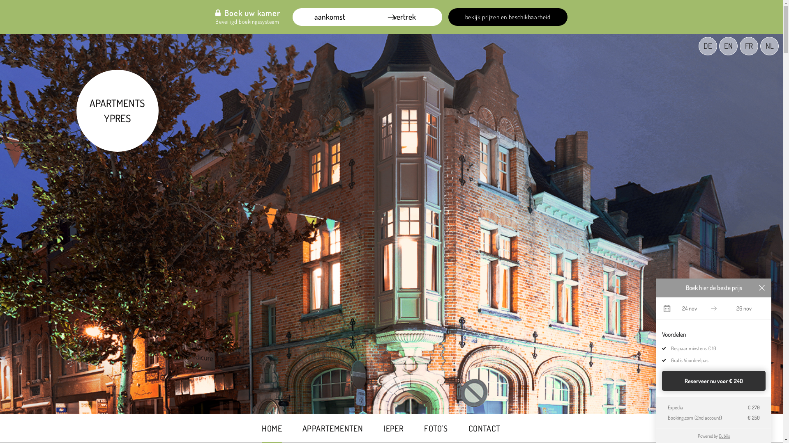 This screenshot has height=443, width=789. I want to click on 'bekijk prijzen en beschikbaarheid', so click(508, 17).